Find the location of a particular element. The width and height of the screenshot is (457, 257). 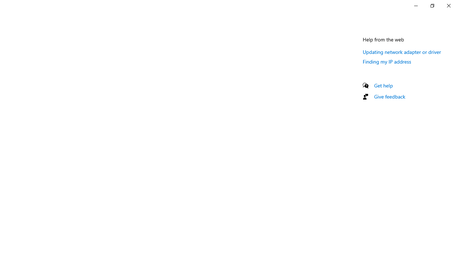

'Restore Settings' is located at coordinates (432, 5).